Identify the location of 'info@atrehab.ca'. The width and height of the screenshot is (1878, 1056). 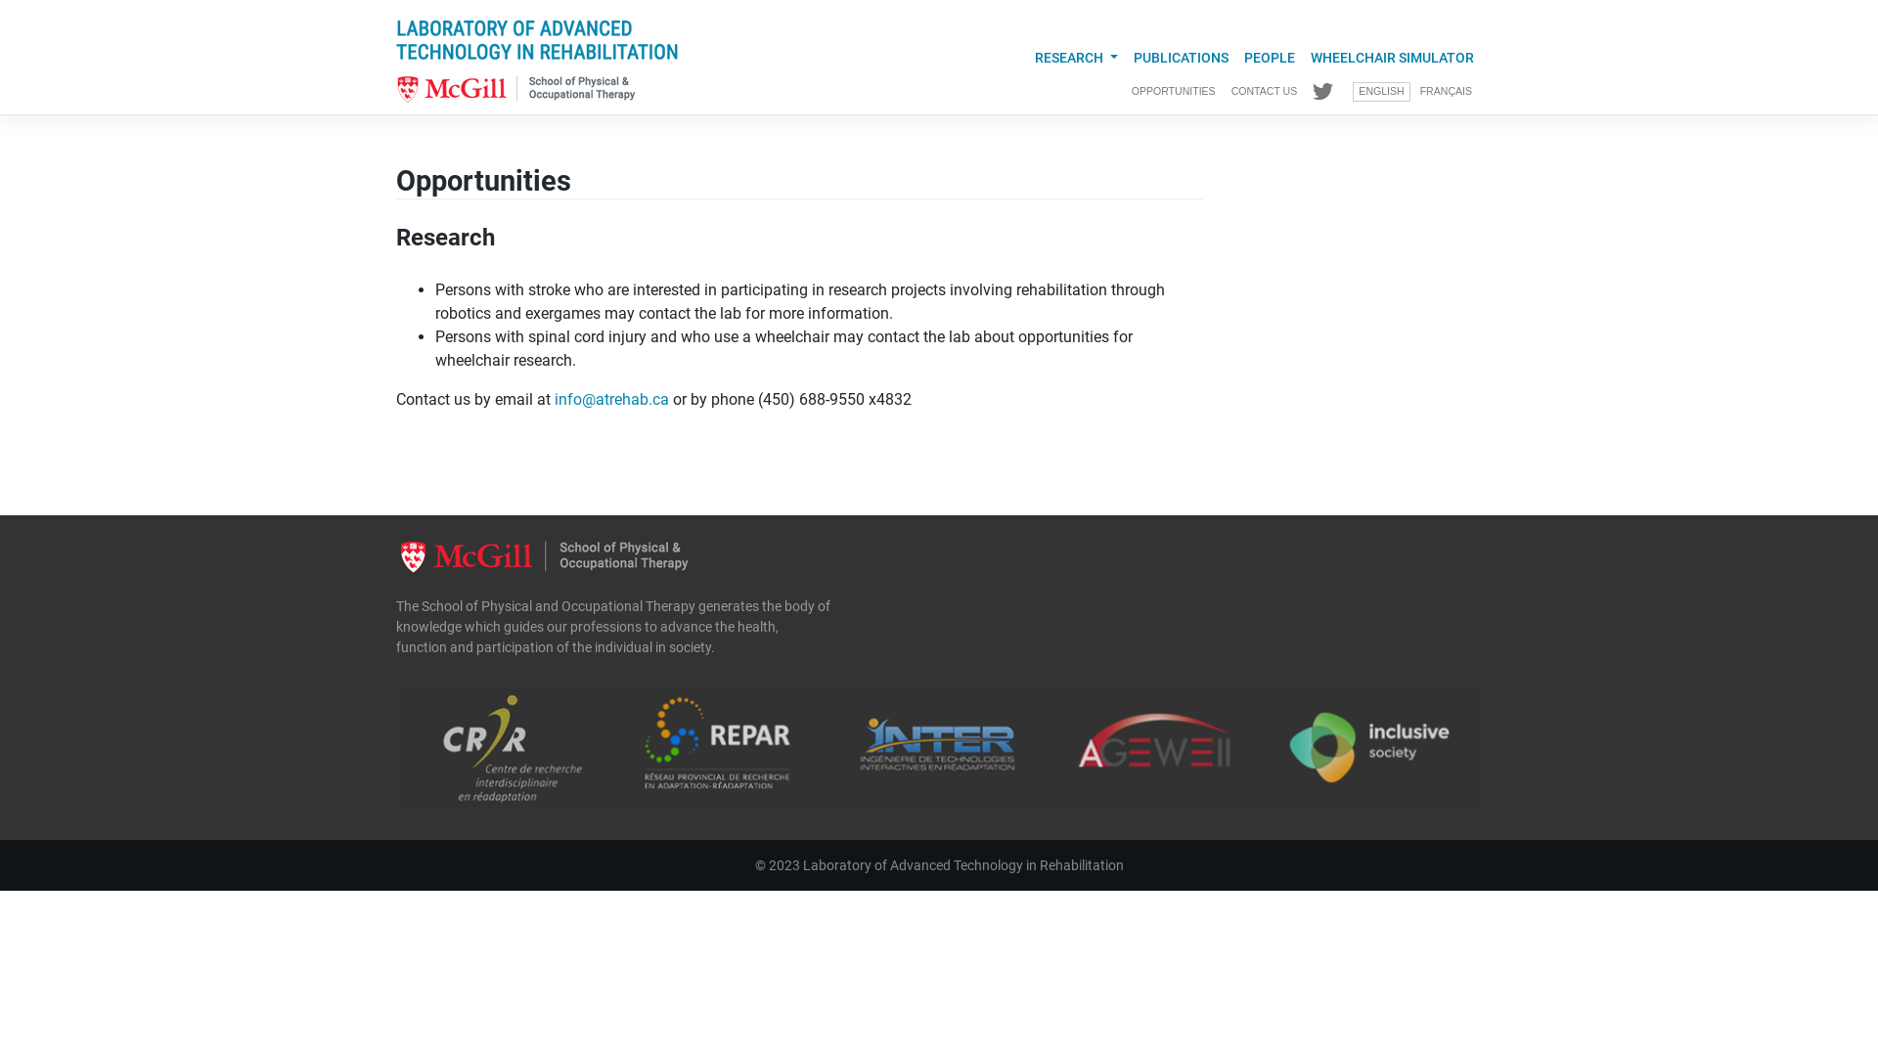
(610, 398).